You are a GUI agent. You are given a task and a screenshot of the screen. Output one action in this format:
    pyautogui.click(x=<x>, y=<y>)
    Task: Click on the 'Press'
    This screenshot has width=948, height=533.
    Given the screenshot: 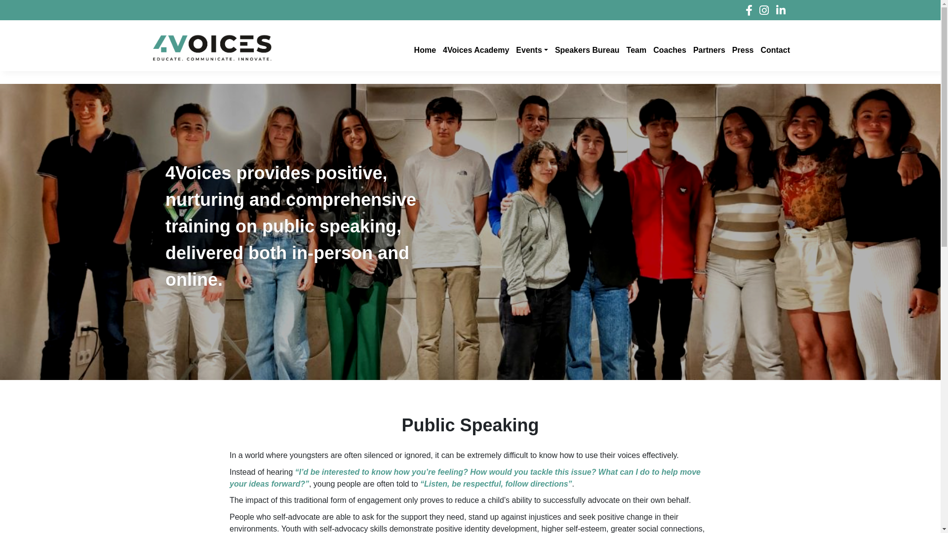 What is the action you would take?
    pyautogui.click(x=742, y=48)
    